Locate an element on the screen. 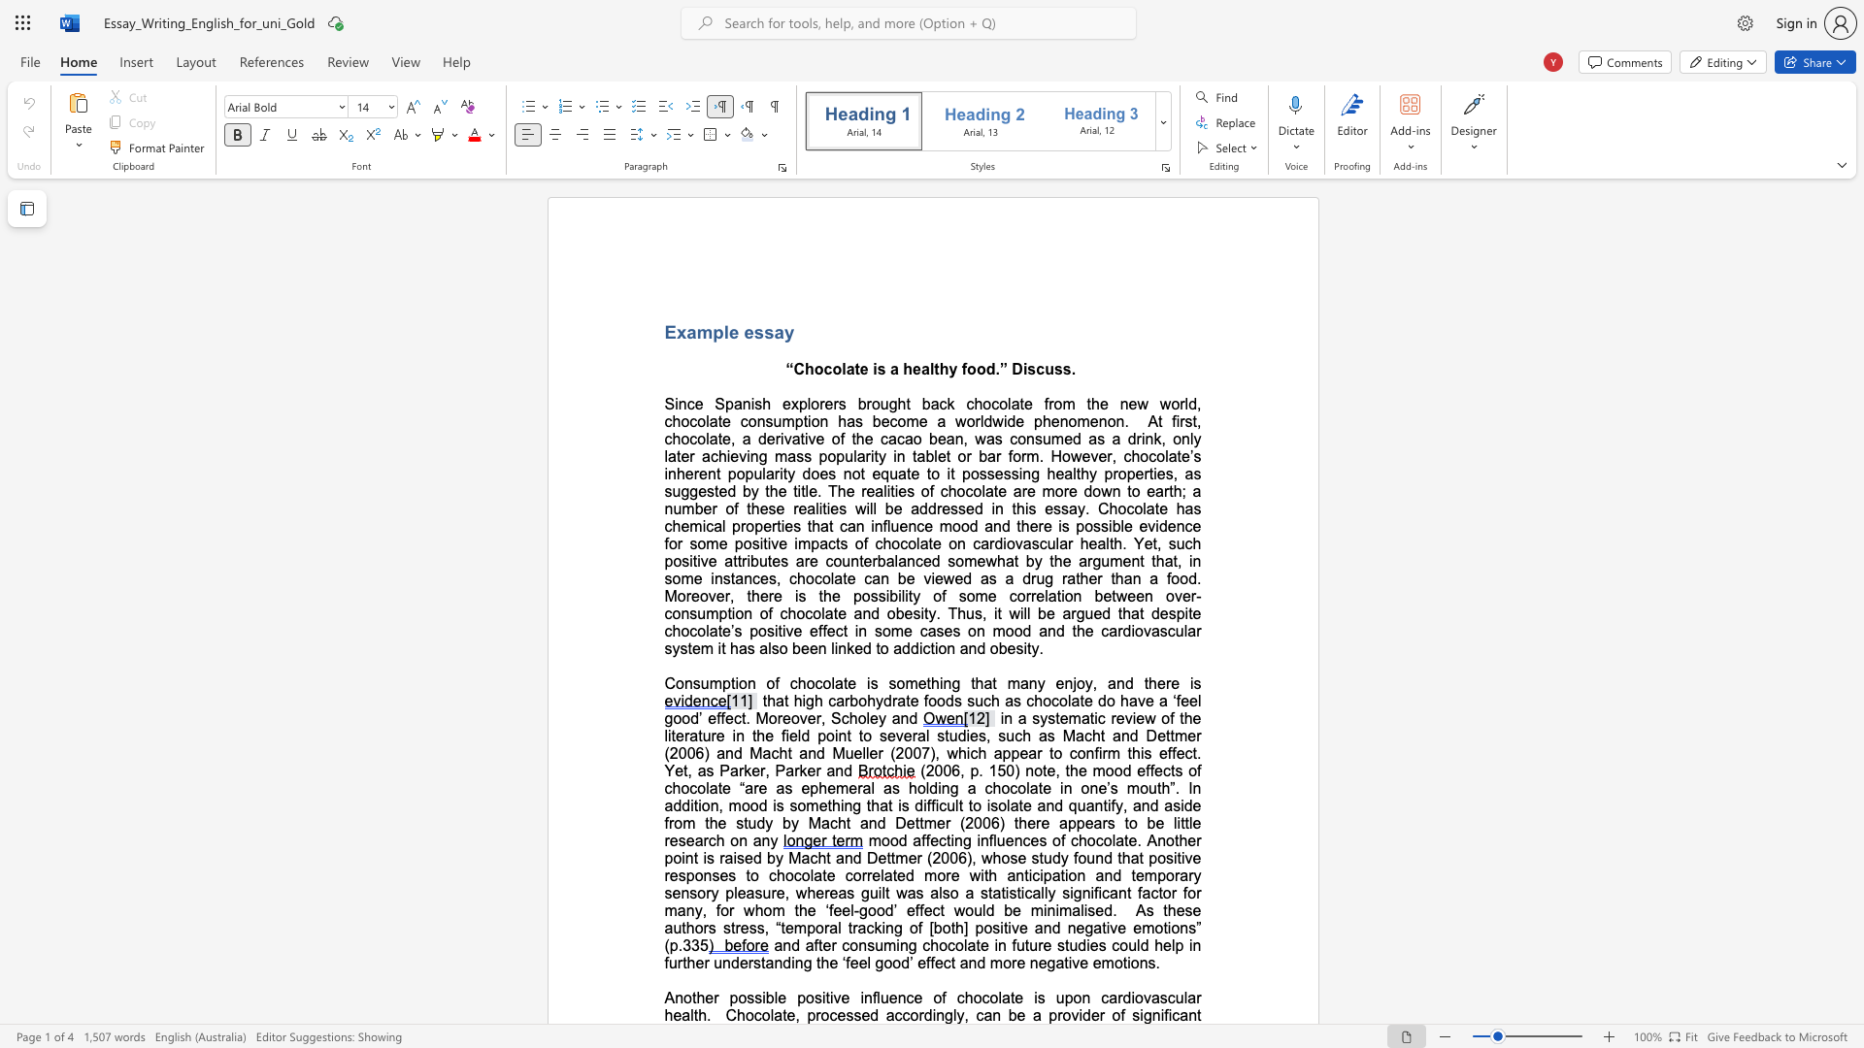  the subset text "nding the ‘feel g" within the text "and after consuming chocolate in future studies could help in further understanding the ‘feel good’ effect and more negative emotions." is located at coordinates (773, 963).